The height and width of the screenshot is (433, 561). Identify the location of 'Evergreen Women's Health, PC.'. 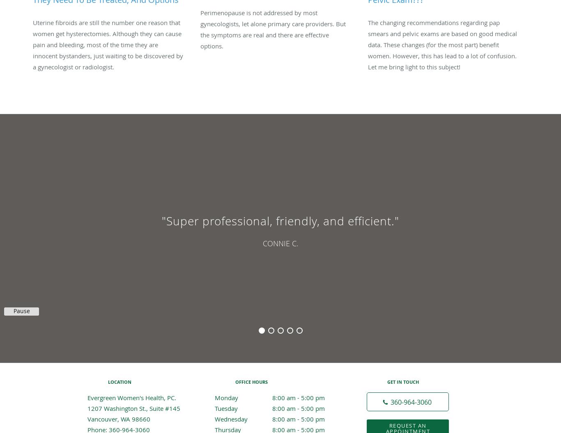
(132, 397).